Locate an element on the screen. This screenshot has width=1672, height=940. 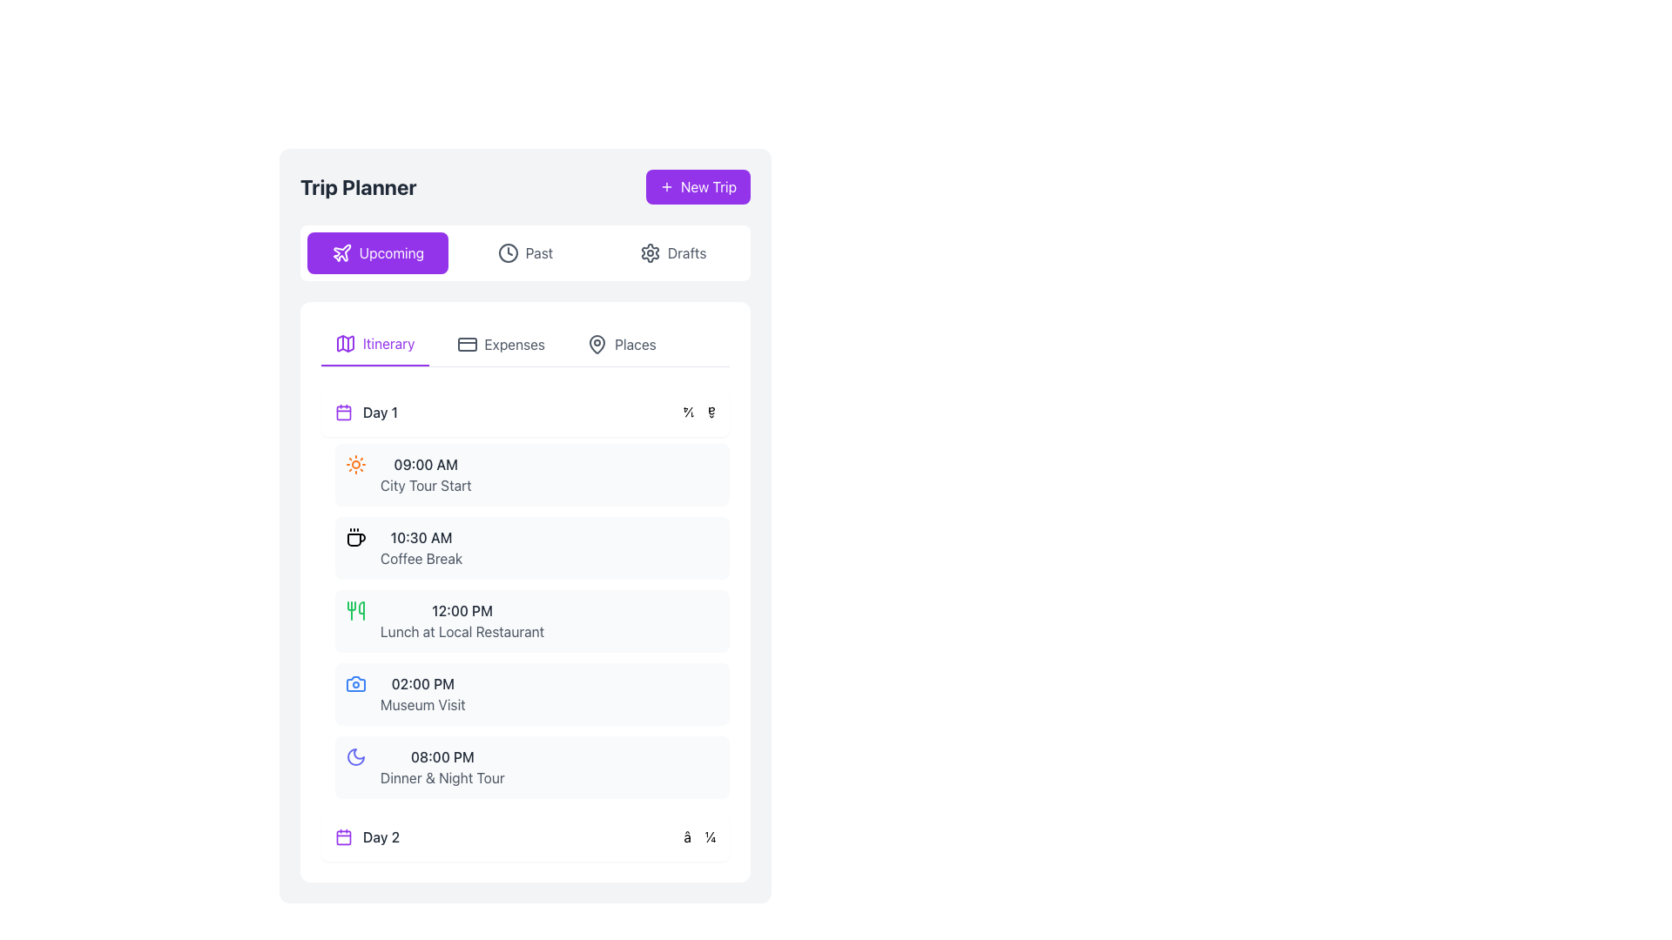
the airplane vector icon located within the purple 'New Trip' button at the right edge of the header section is located at coordinates (341, 252).